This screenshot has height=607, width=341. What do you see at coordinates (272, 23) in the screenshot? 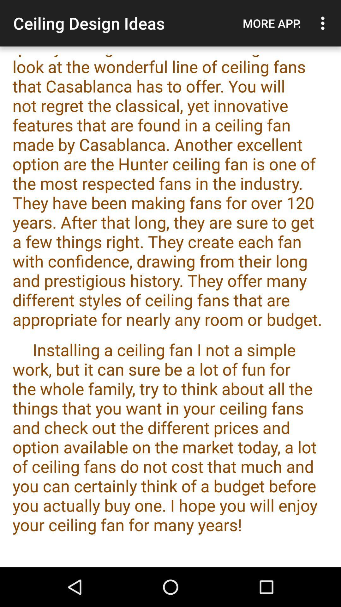
I see `the more app.` at bounding box center [272, 23].